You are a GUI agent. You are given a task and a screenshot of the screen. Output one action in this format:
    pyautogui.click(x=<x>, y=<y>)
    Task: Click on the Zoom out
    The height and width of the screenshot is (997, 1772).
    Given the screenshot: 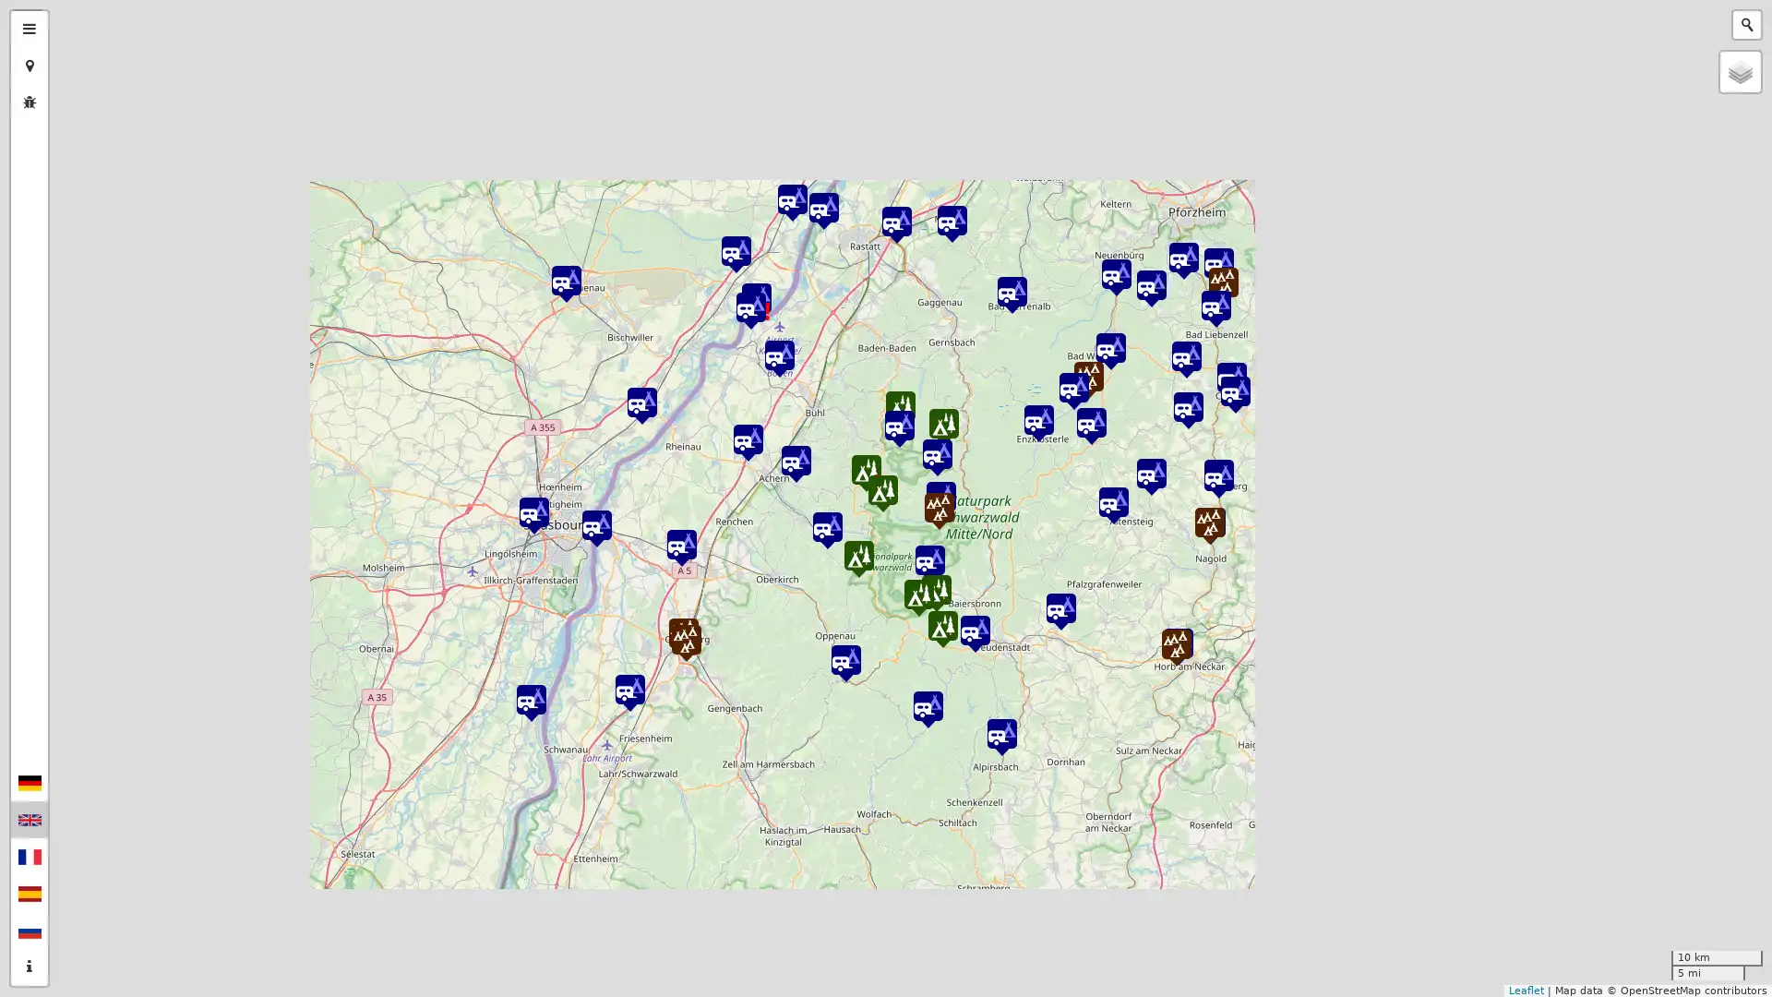 What is the action you would take?
    pyautogui.click(x=70, y=52)
    